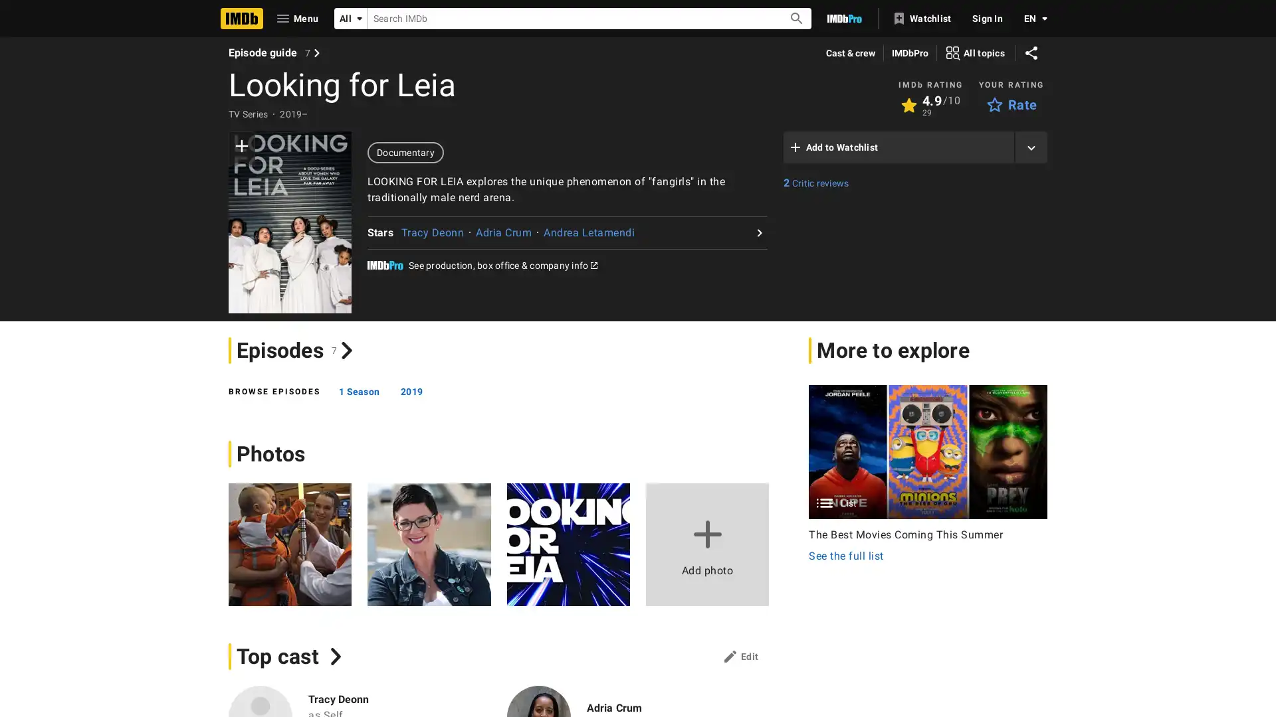  Describe the element at coordinates (359, 390) in the screenshot. I see `1 Season` at that location.